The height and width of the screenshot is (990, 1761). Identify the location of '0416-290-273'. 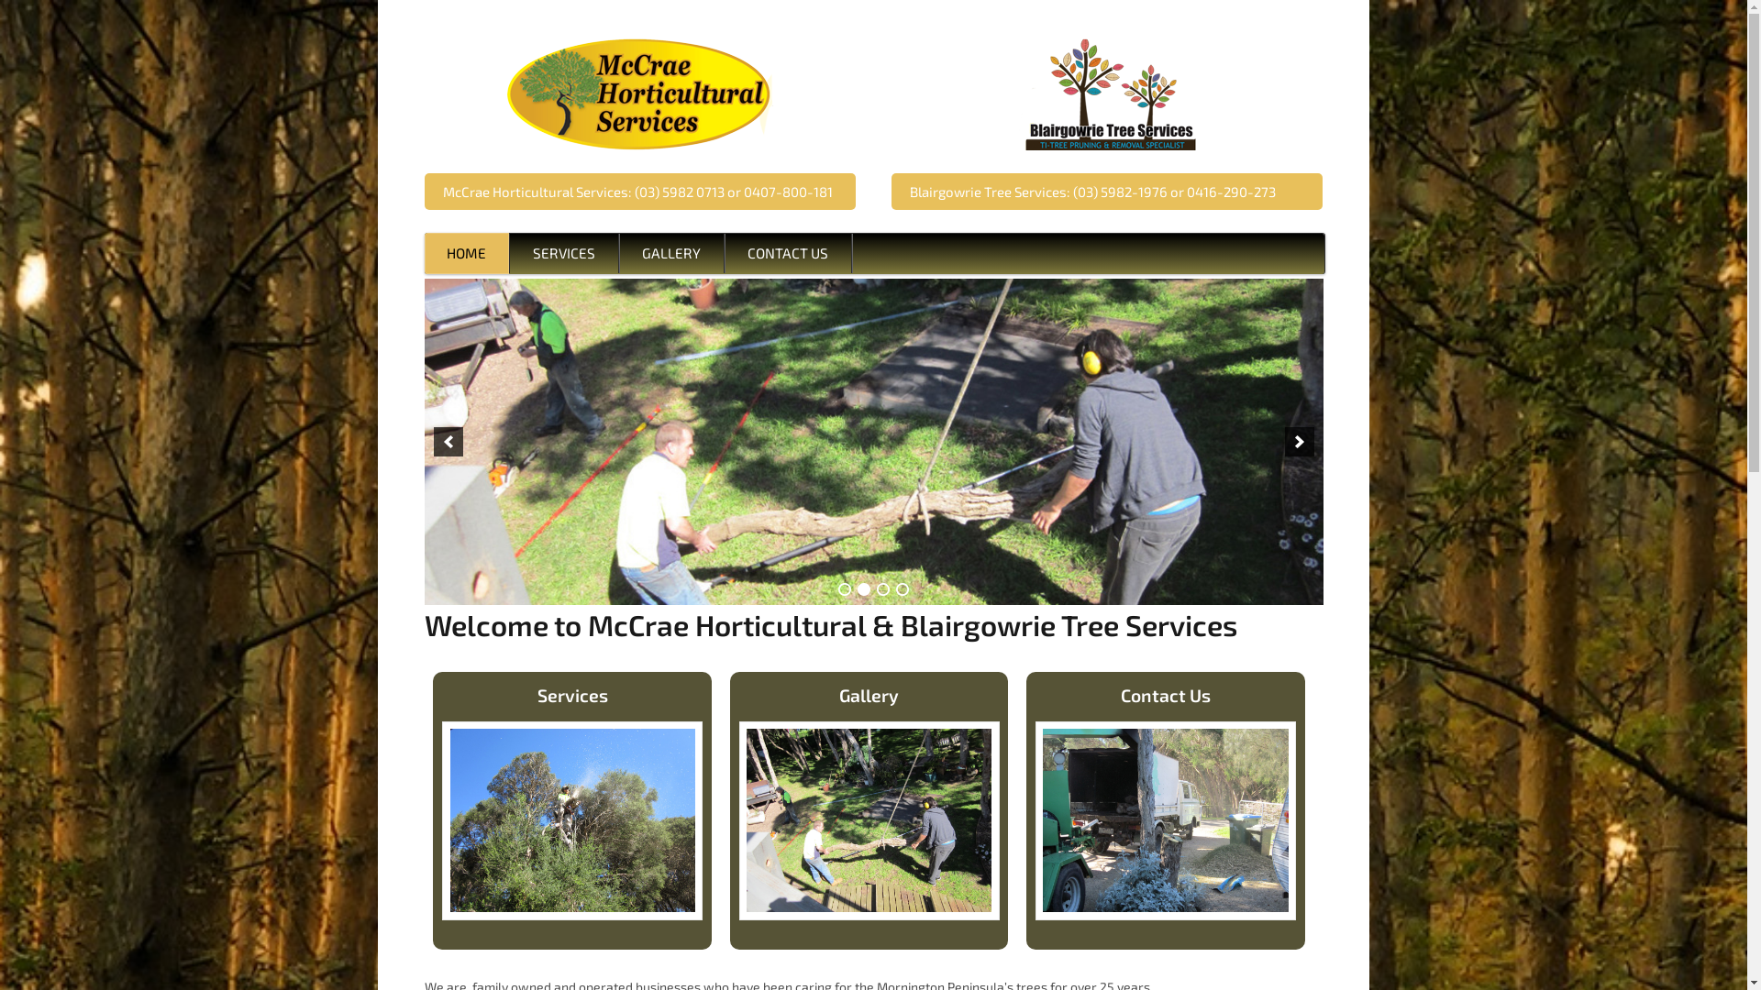
(1231, 191).